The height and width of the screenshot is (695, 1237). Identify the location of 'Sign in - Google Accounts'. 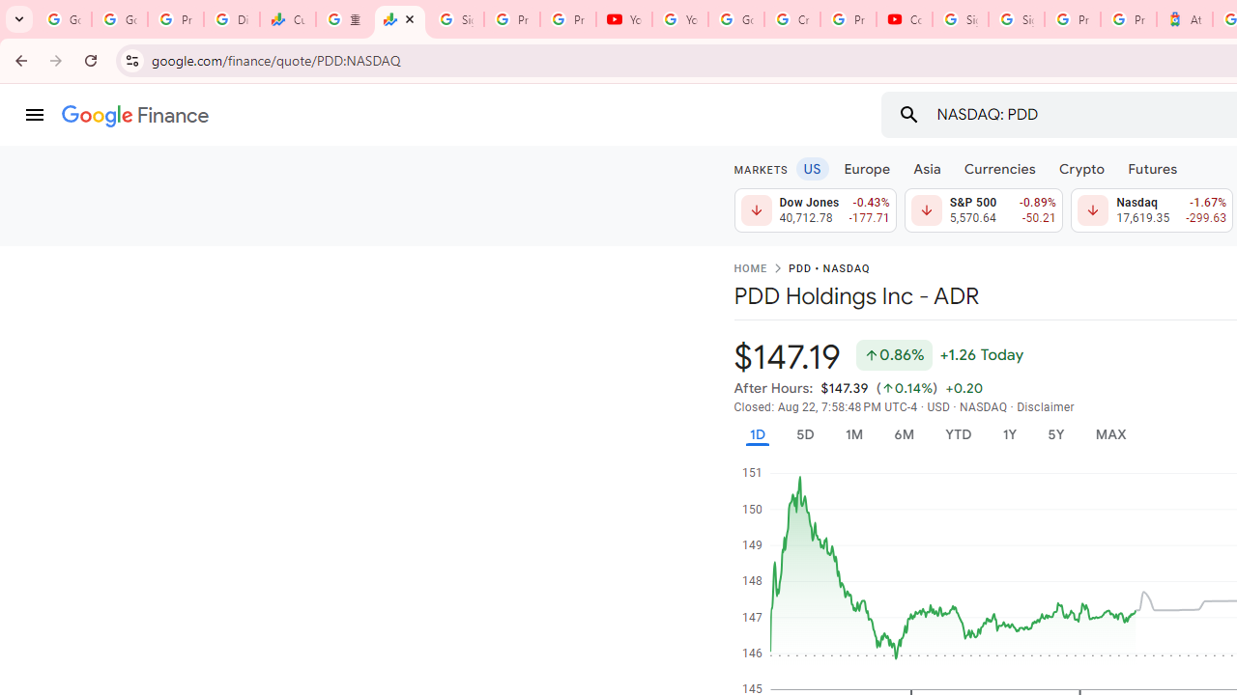
(960, 19).